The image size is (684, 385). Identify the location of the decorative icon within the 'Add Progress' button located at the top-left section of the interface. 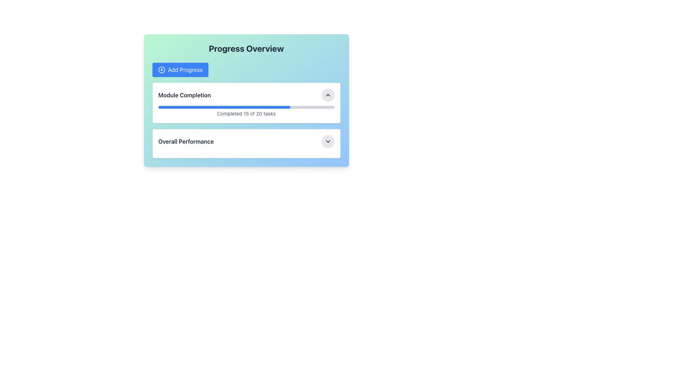
(161, 70).